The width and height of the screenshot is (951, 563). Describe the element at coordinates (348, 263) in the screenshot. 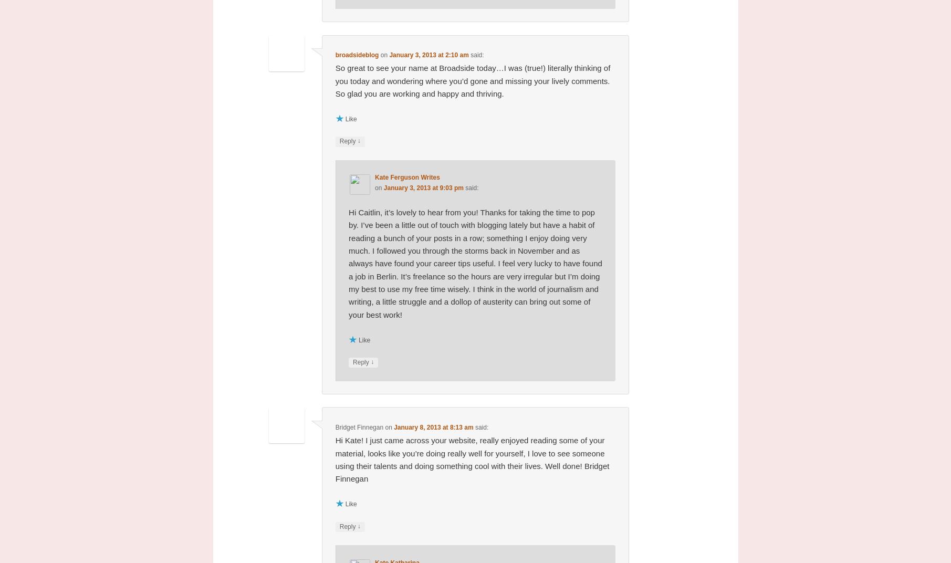

I see `'Hi Caitlin, it’s lovely to hear from you! Thanks for taking the time to pop by. I’ve been a little out of touch with blogging lately but have a habit of reading a bunch of your posts in a row; something I enjoy doing very much. I followed you through the storms back in November and as always have found your career tips useful. I feel very lucky to have found a job in Berlin. It’s freelance so the hours are very irregular but I’m doing my best to use my free time wisely. I think in the world of journalism and writing,  a little struggle and a dollop of austerity can bring out some of your best work!'` at that location.